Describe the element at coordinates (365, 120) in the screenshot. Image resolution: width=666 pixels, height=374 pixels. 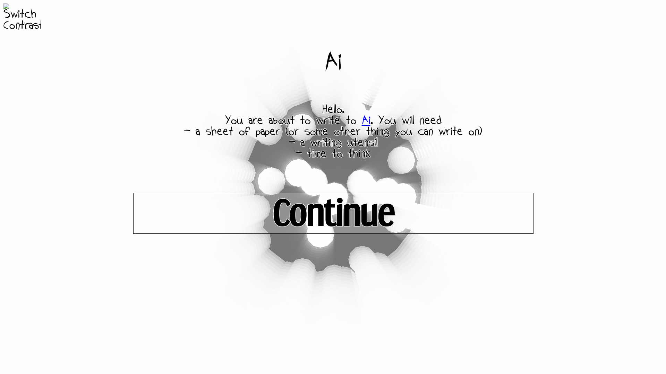
I see `'Ai'` at that location.